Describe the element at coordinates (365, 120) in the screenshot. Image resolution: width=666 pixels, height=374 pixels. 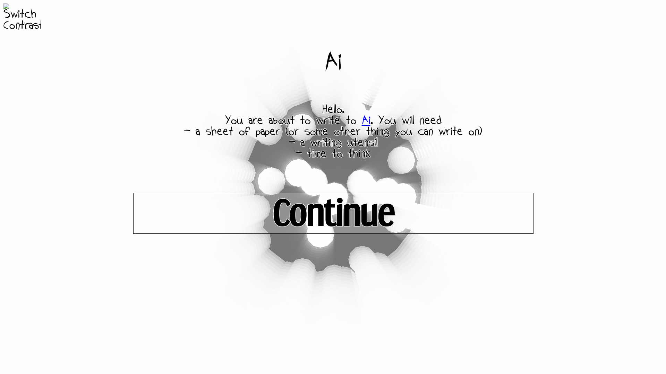
I see `'Ai'` at that location.